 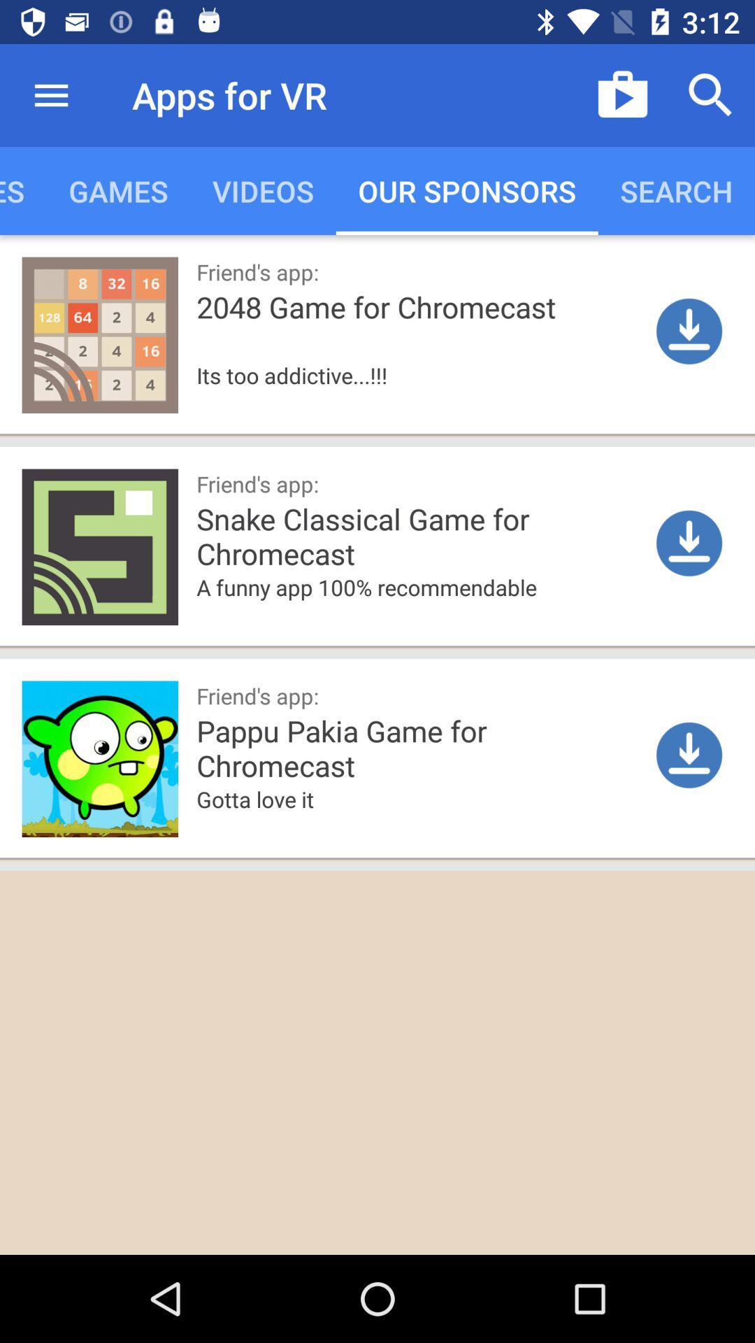 I want to click on the pappu pakia game, so click(x=469, y=746).